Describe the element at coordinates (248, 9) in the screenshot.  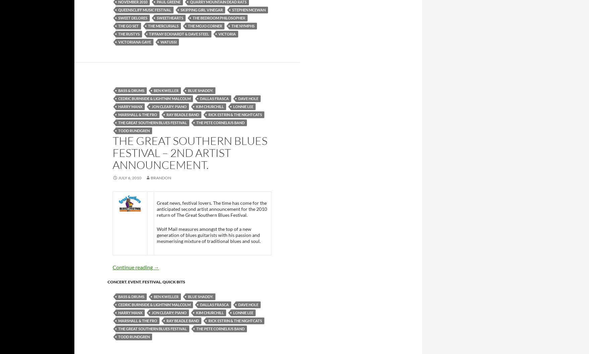
I see `'Stephen McEwan'` at that location.